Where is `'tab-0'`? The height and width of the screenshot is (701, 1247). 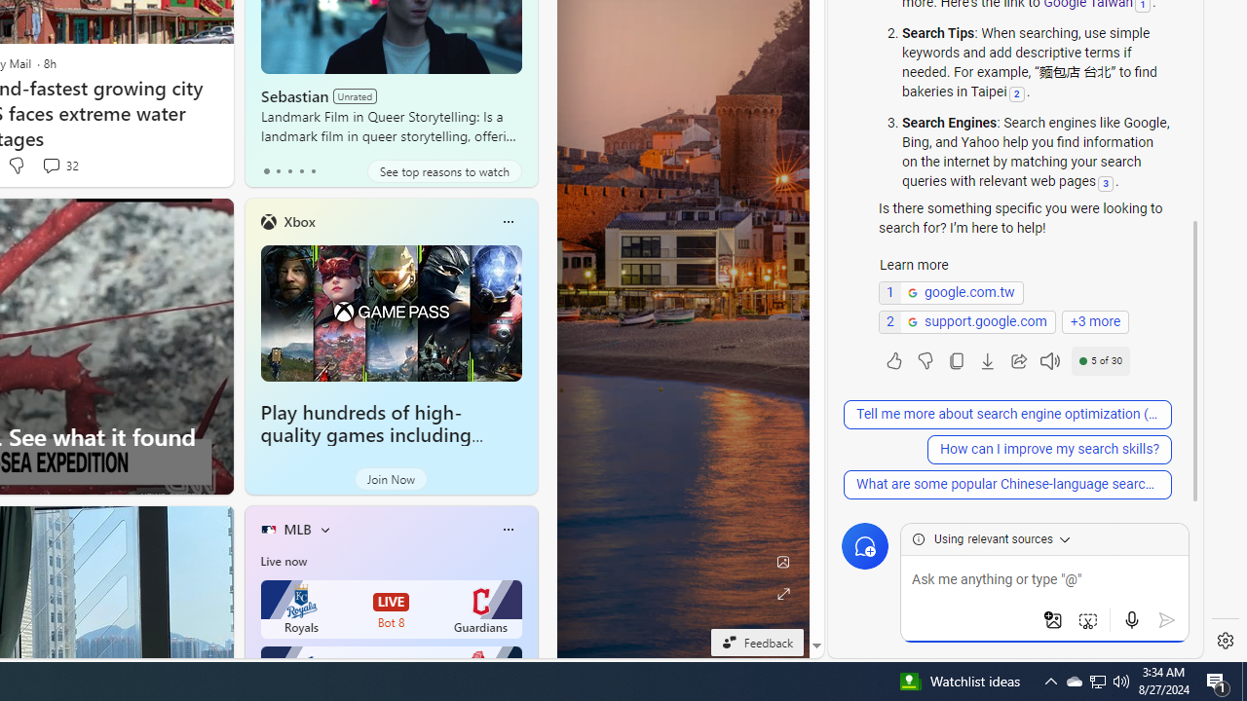
'tab-0' is located at coordinates (265, 170).